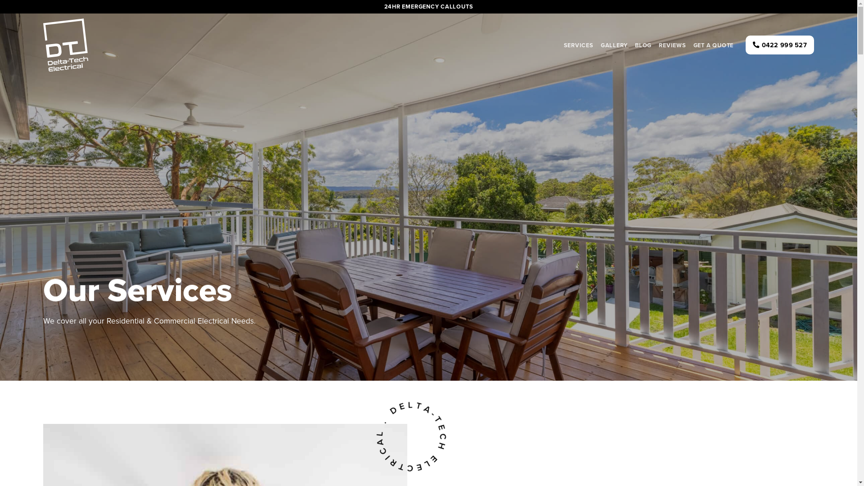 This screenshot has height=486, width=864. Describe the element at coordinates (779, 45) in the screenshot. I see `'0422 999 527'` at that location.